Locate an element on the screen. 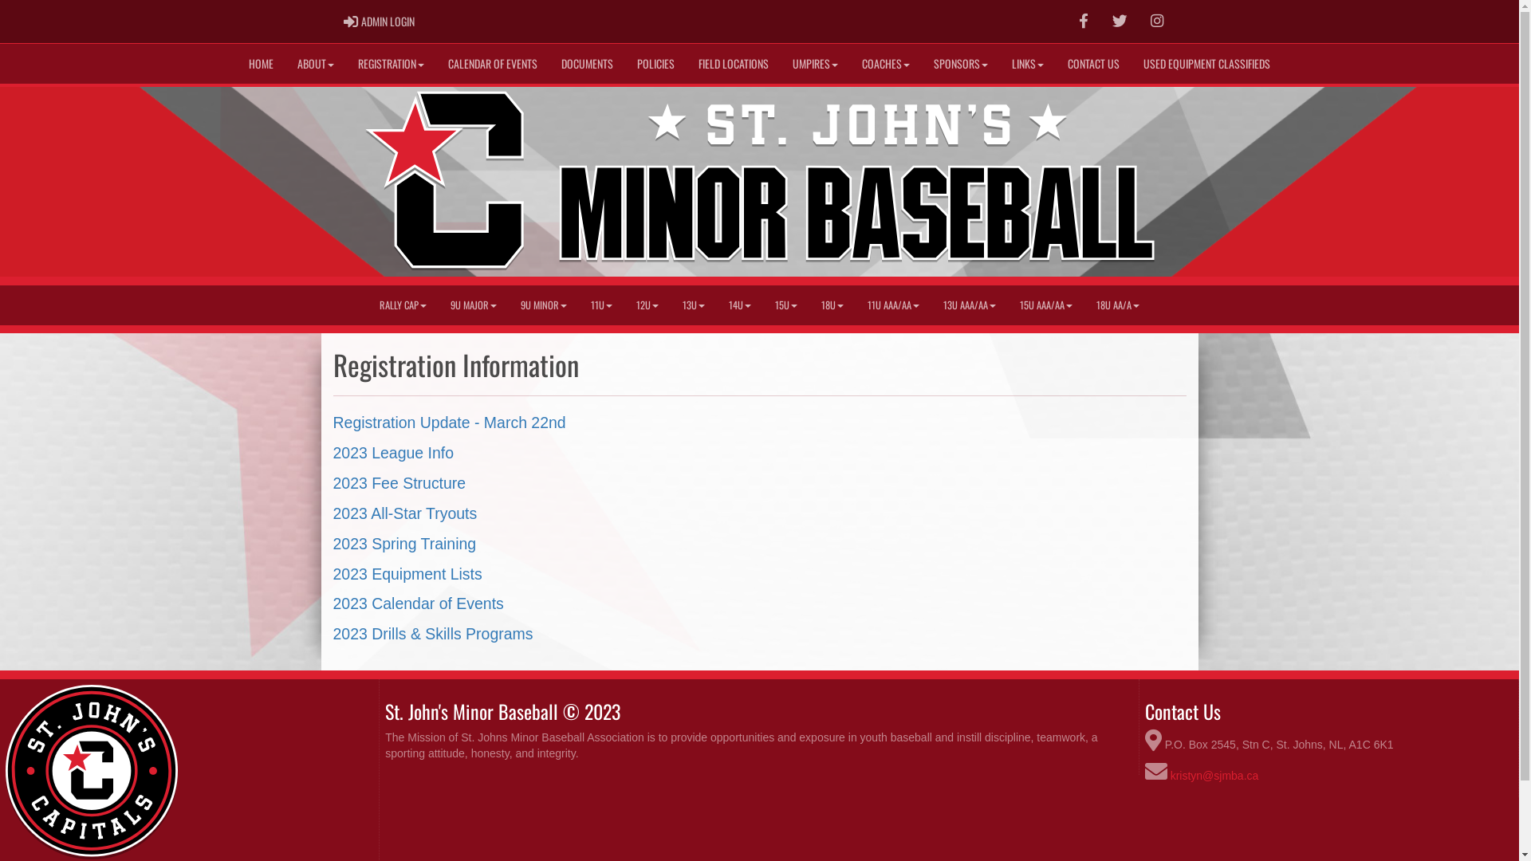 The height and width of the screenshot is (861, 1531). 'ABOUT' is located at coordinates (285, 63).